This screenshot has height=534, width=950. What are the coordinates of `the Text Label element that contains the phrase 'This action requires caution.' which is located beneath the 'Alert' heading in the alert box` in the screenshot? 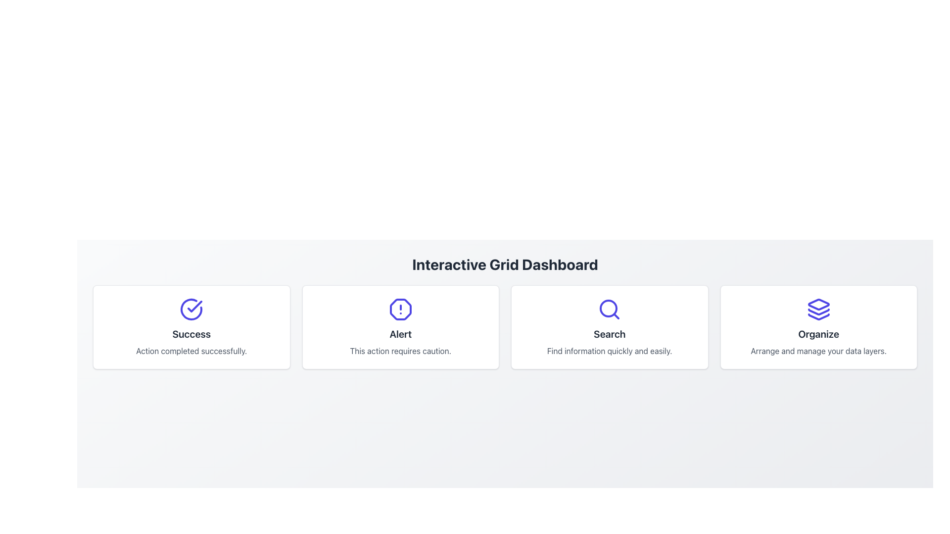 It's located at (400, 350).